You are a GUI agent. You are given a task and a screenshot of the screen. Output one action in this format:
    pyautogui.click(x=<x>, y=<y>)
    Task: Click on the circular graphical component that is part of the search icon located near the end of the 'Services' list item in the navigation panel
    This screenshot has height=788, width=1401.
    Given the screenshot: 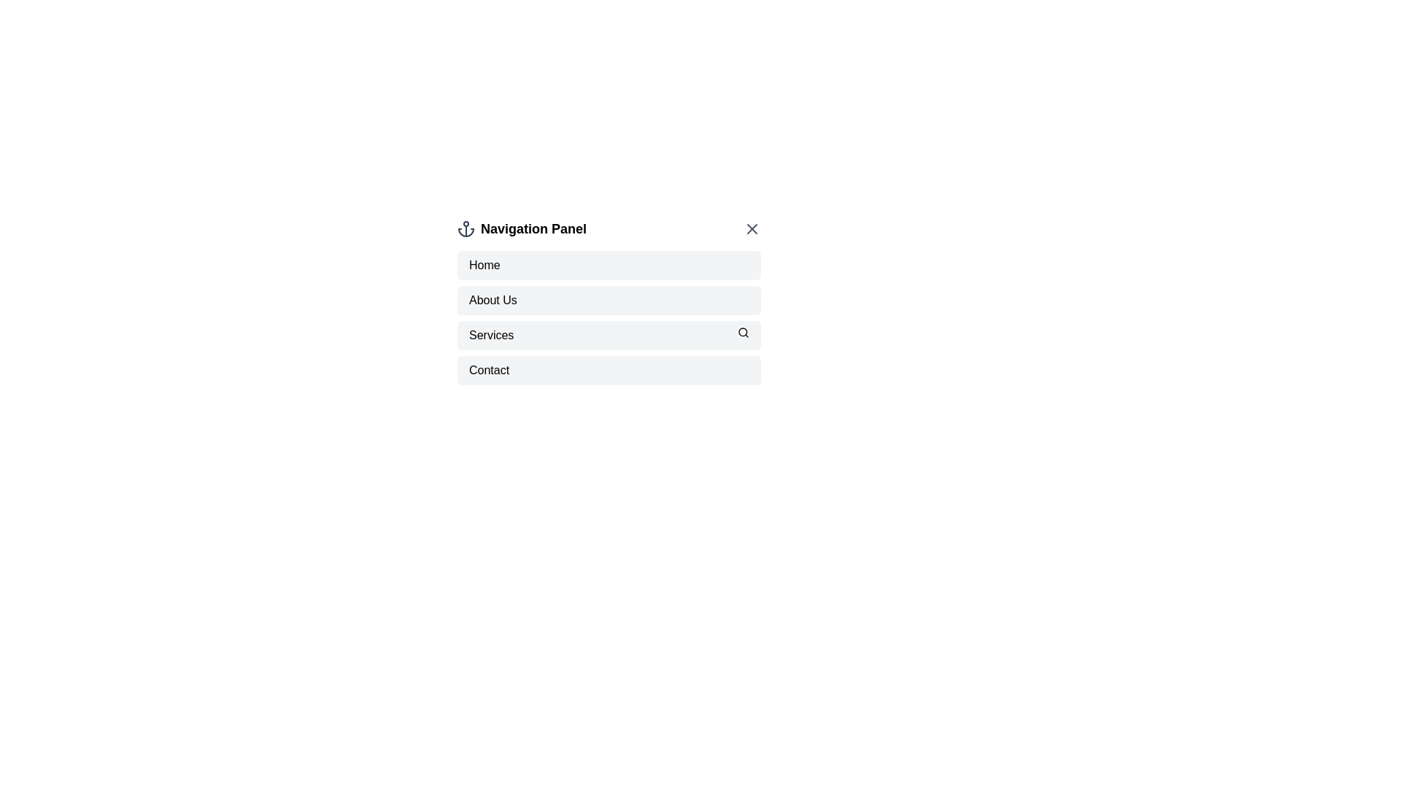 What is the action you would take?
    pyautogui.click(x=743, y=332)
    